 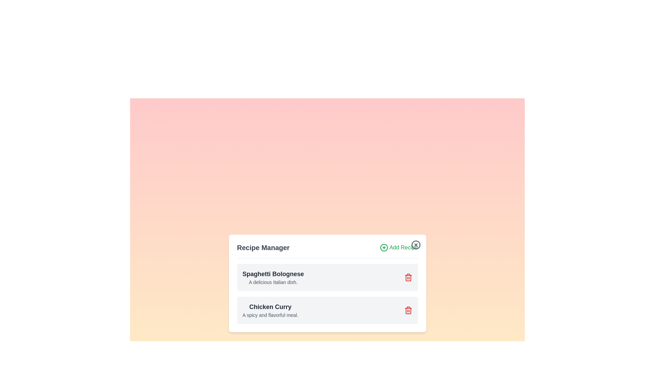 I want to click on the delete button for the recipe item 'Spaghetti Bolognese', so click(x=408, y=277).